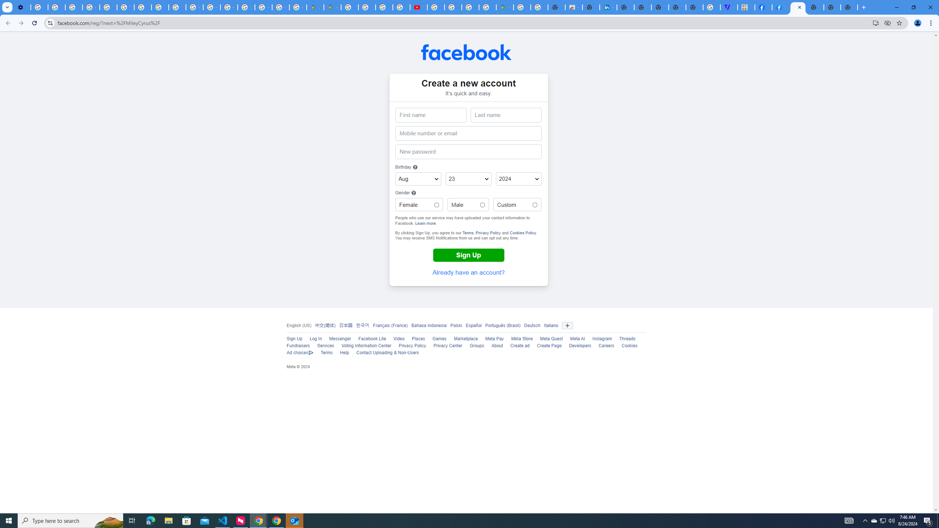 The image size is (939, 528). Describe the element at coordinates (50, 22) in the screenshot. I see `'View site information'` at that location.